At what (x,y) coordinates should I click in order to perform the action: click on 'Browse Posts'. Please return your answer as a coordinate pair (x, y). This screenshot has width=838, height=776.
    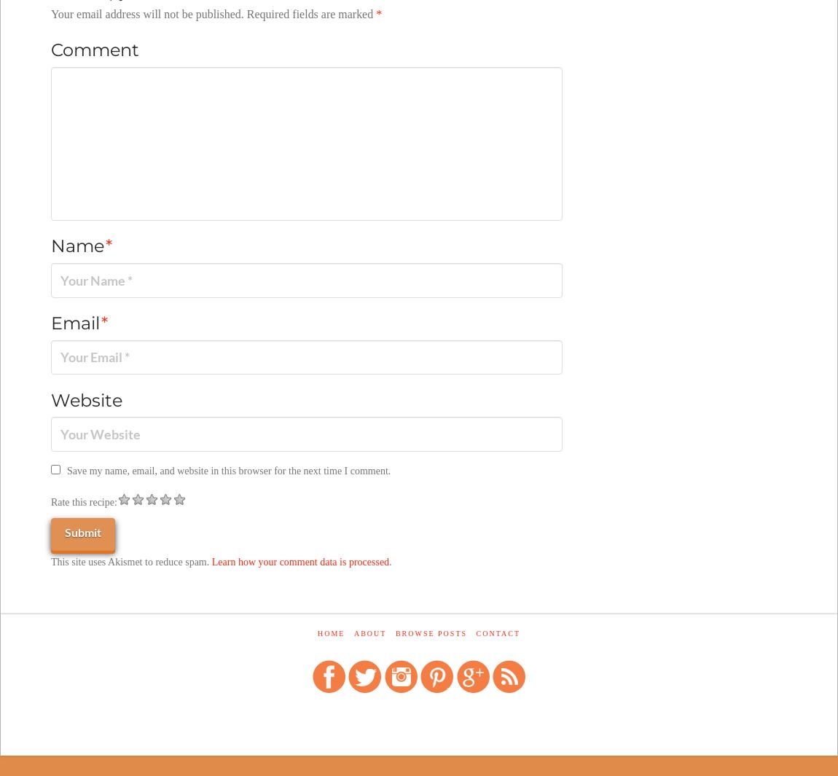
    Looking at the image, I should click on (430, 633).